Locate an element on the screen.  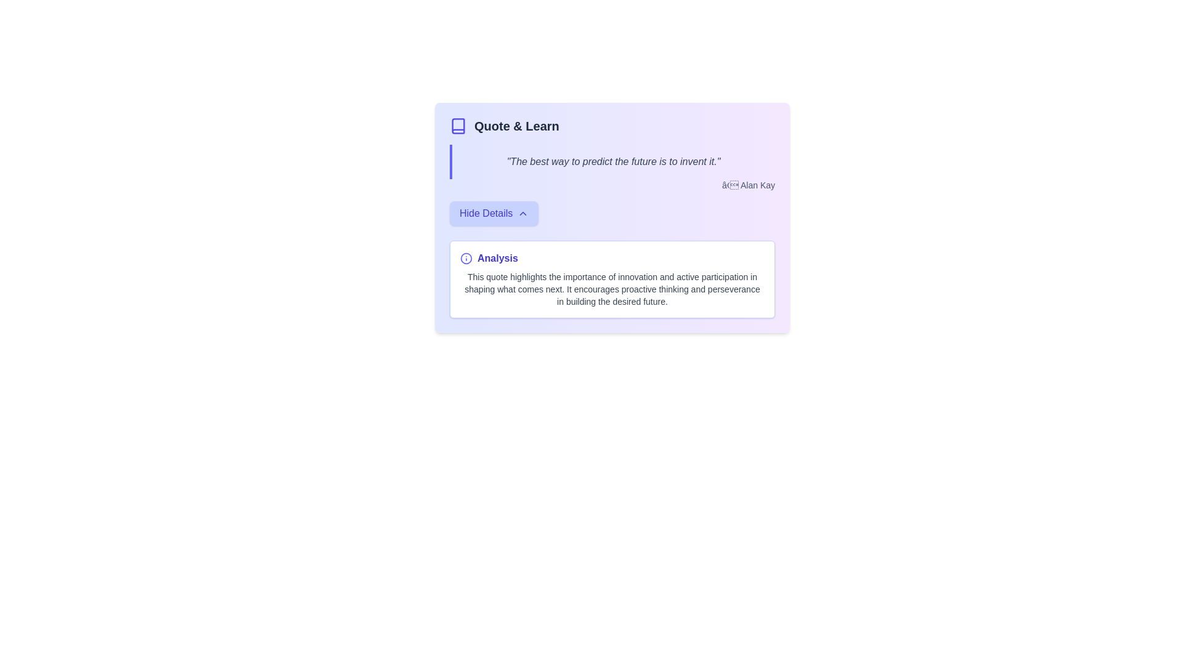
the information icon located in the upper-left corner of the 'Analysis' section is located at coordinates (466, 258).